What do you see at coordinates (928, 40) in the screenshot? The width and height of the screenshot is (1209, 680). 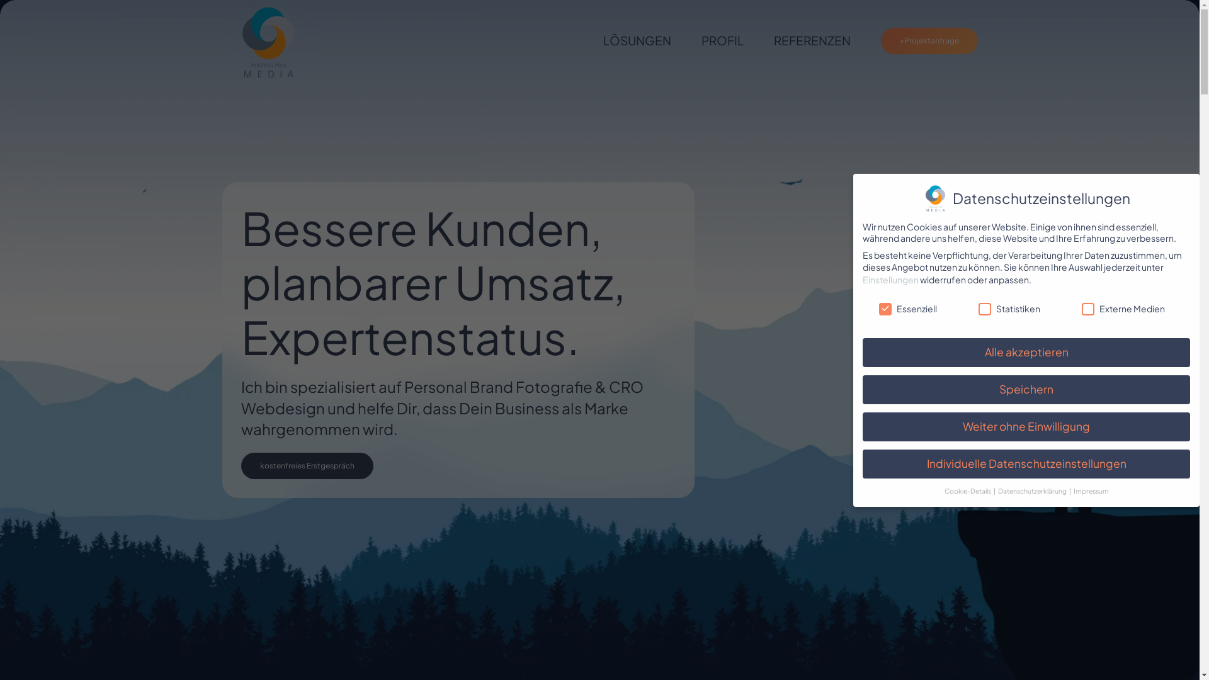 I see `'>Projektanfrage'` at bounding box center [928, 40].